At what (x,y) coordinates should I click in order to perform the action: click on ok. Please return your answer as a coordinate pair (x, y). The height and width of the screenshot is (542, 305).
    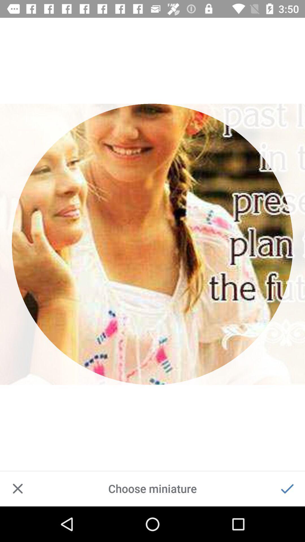
    Looking at the image, I should click on (287, 488).